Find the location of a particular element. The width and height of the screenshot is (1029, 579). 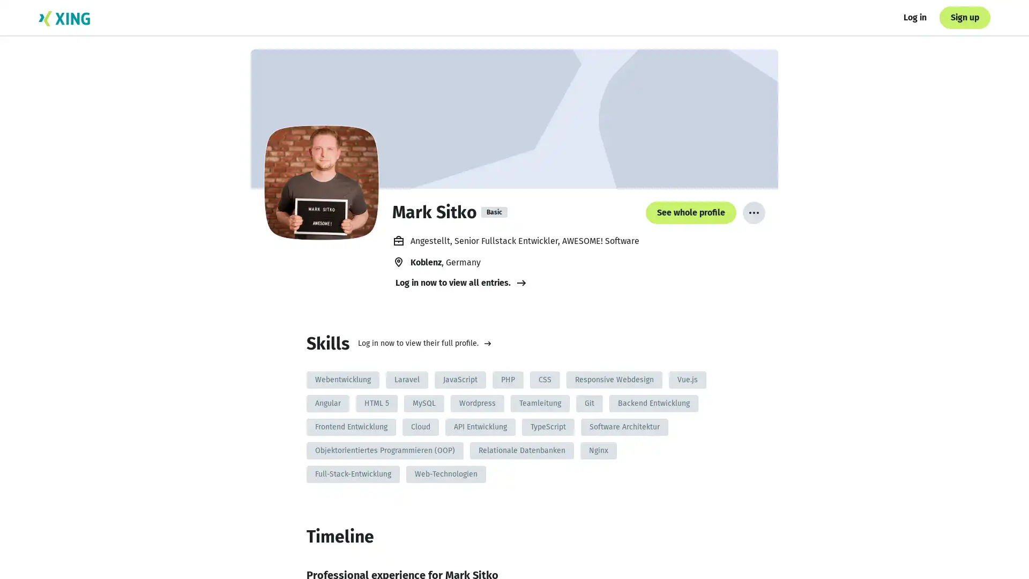

Mark Sitko is located at coordinates (321, 182).